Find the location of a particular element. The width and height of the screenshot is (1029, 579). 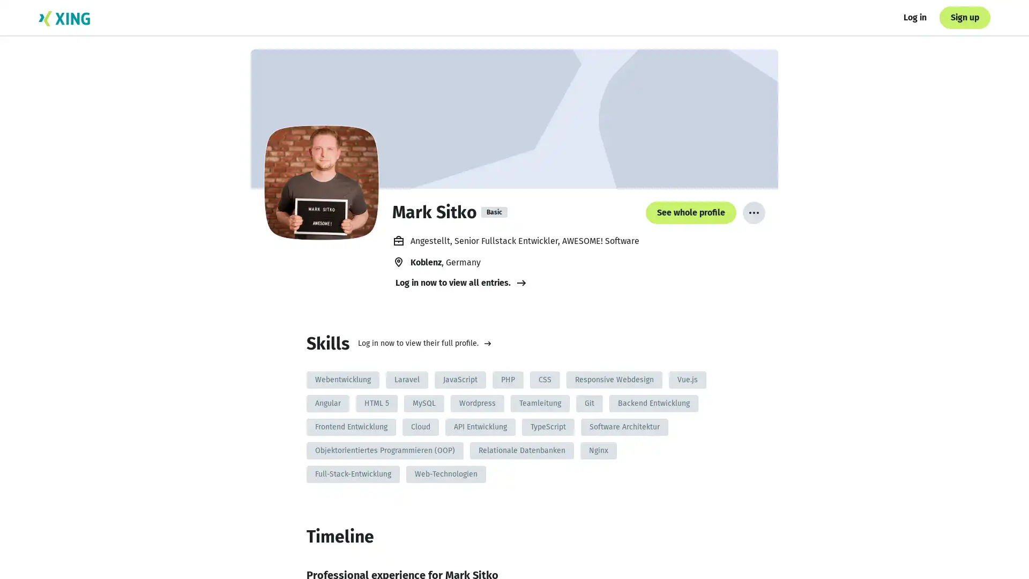

Mark Sitko is located at coordinates (321, 182).